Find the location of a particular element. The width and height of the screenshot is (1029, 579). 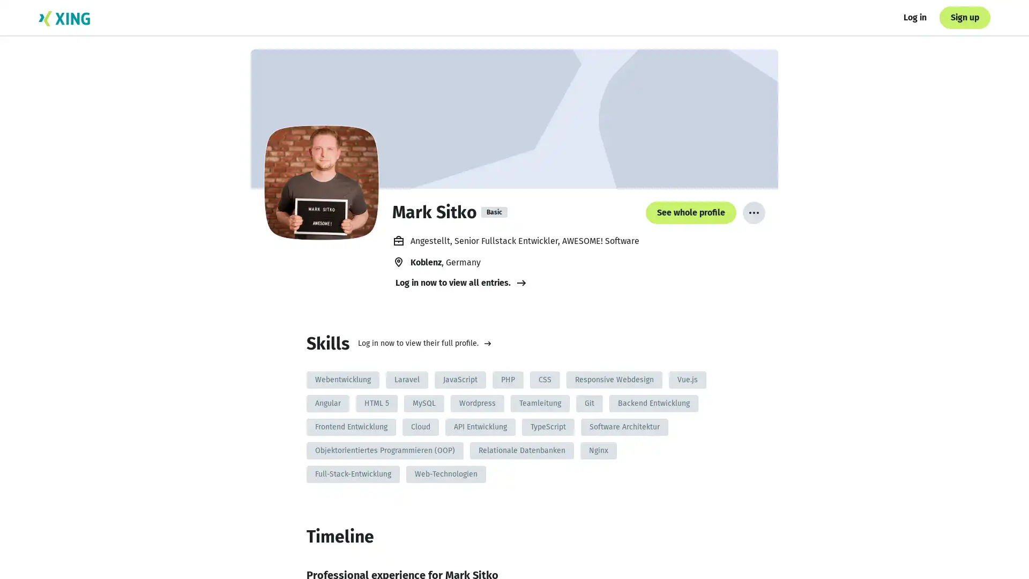

Mark Sitko is located at coordinates (321, 182).